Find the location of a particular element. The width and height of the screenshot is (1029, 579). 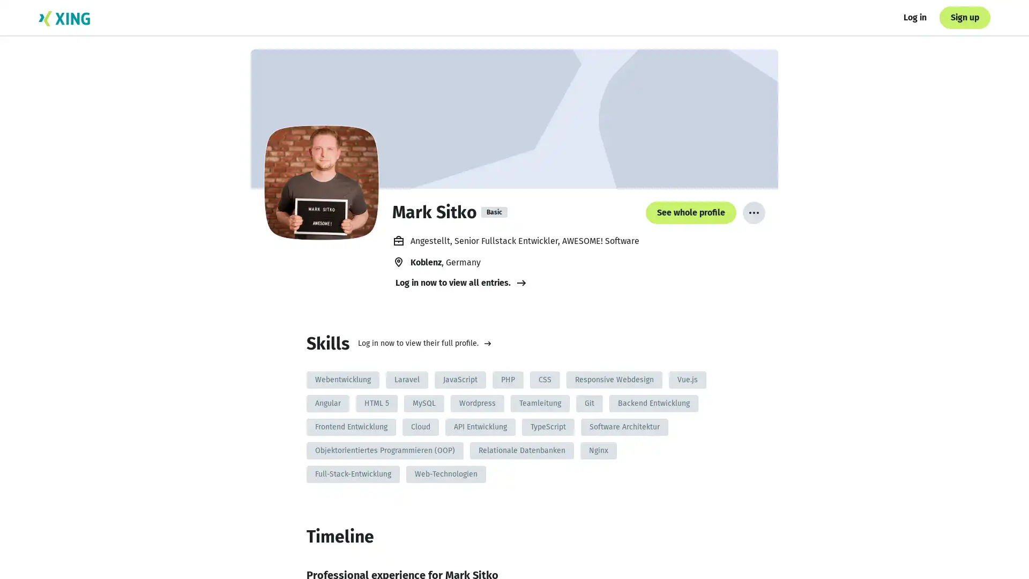

Mark Sitko is located at coordinates (321, 182).